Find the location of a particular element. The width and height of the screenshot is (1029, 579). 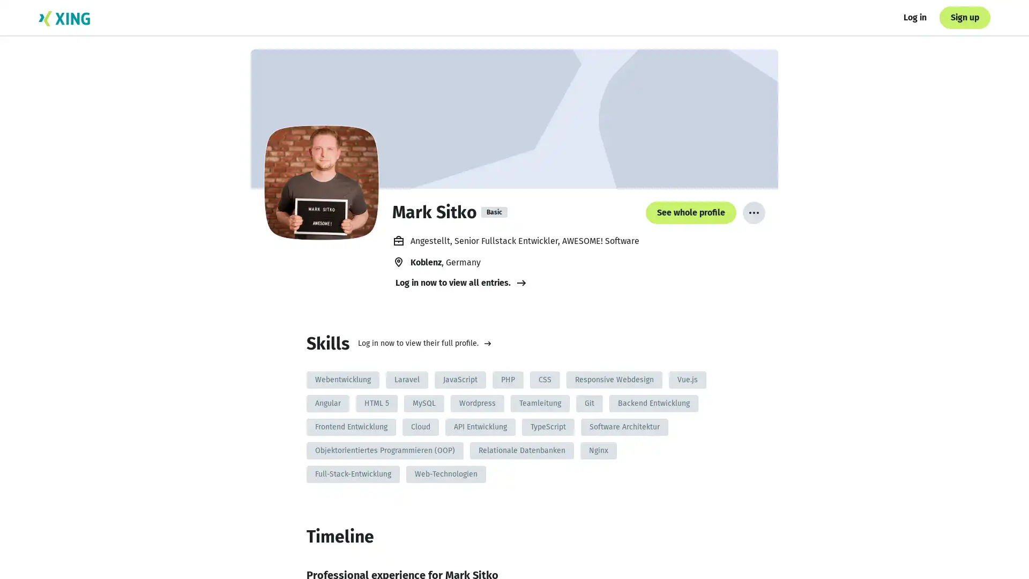

Mark Sitko is located at coordinates (321, 182).